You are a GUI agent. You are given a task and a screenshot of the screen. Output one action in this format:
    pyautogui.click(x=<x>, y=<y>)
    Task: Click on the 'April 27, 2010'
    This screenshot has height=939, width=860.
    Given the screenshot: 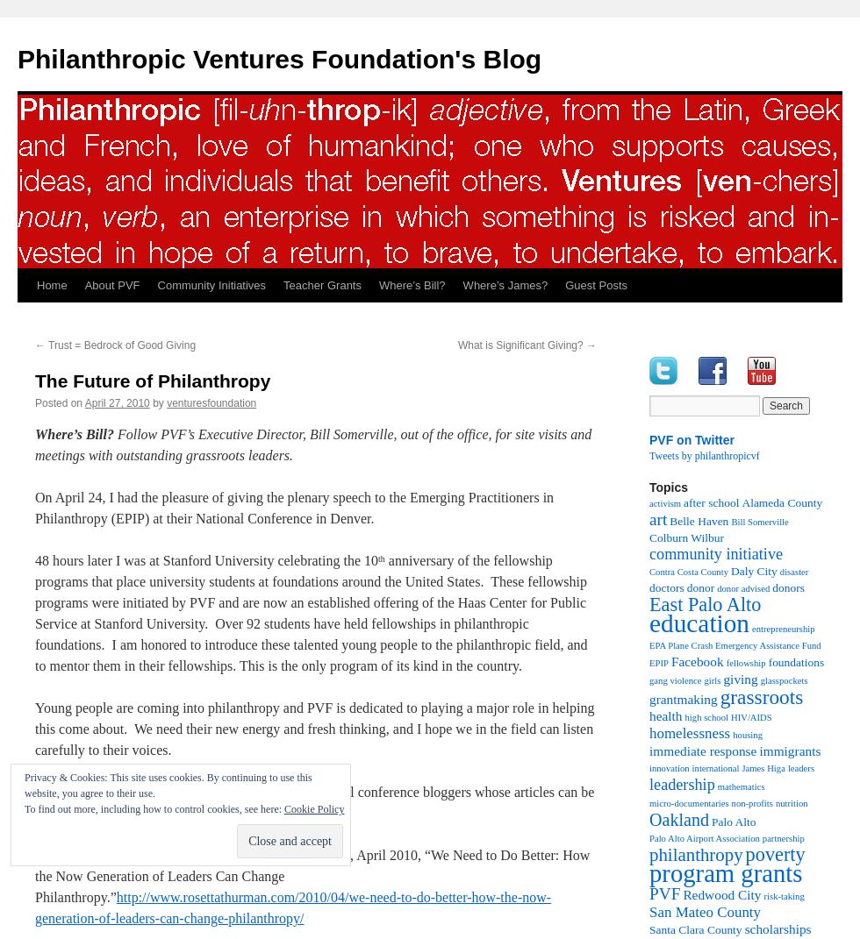 What is the action you would take?
    pyautogui.click(x=116, y=402)
    